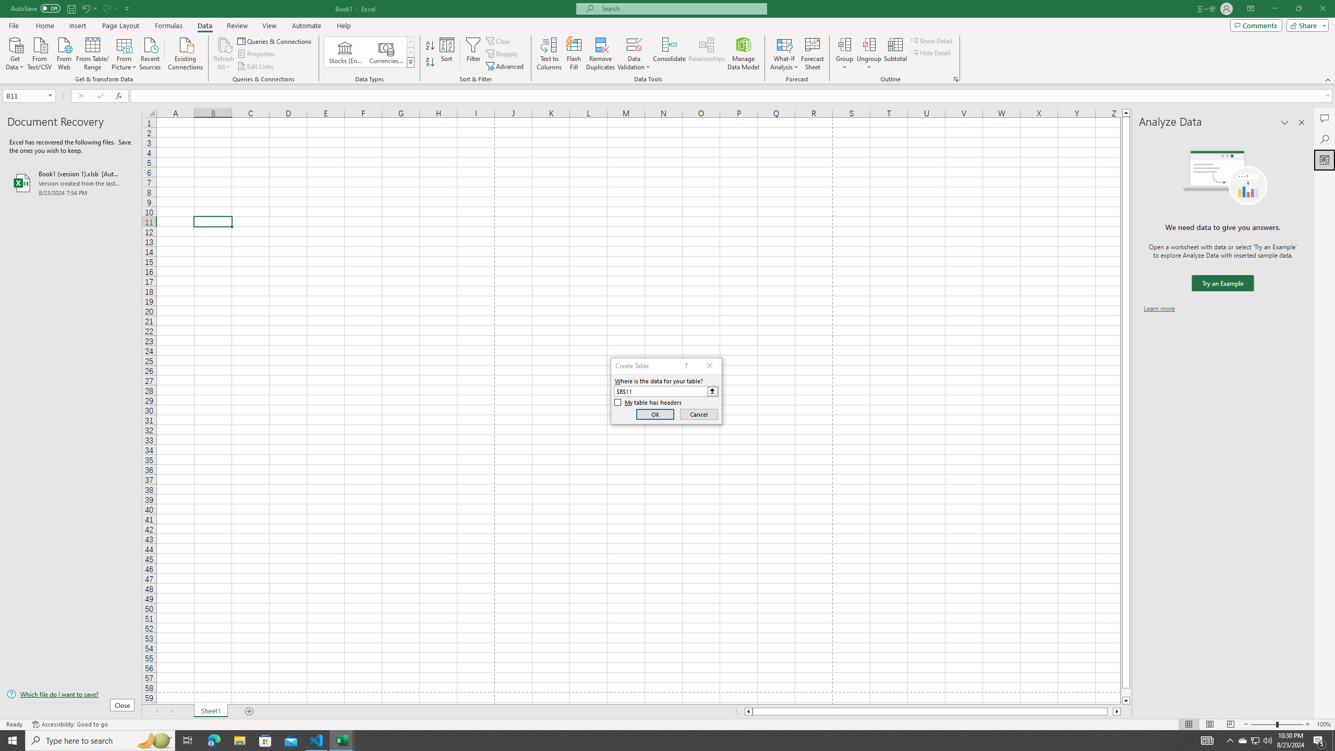 Image resolution: width=1335 pixels, height=751 pixels. I want to click on 'From Text/CSV', so click(40, 52).